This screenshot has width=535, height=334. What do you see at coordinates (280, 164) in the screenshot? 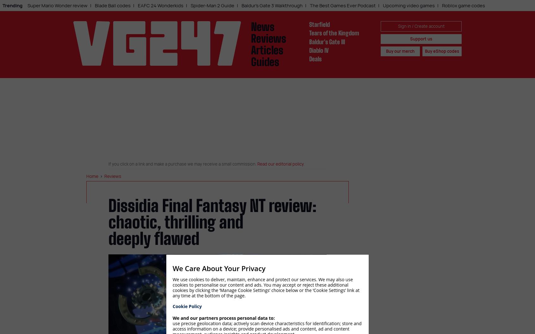
I see `'Read our editorial policy'` at bounding box center [280, 164].